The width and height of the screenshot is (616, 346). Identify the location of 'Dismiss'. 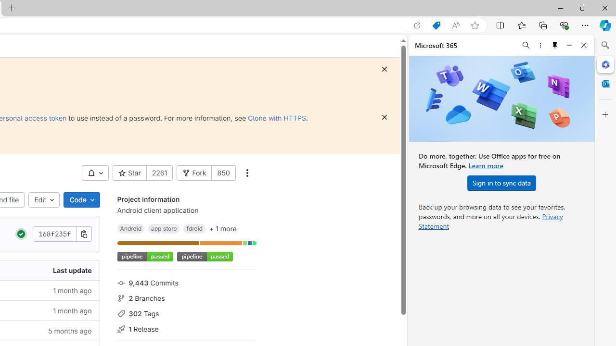
(384, 117).